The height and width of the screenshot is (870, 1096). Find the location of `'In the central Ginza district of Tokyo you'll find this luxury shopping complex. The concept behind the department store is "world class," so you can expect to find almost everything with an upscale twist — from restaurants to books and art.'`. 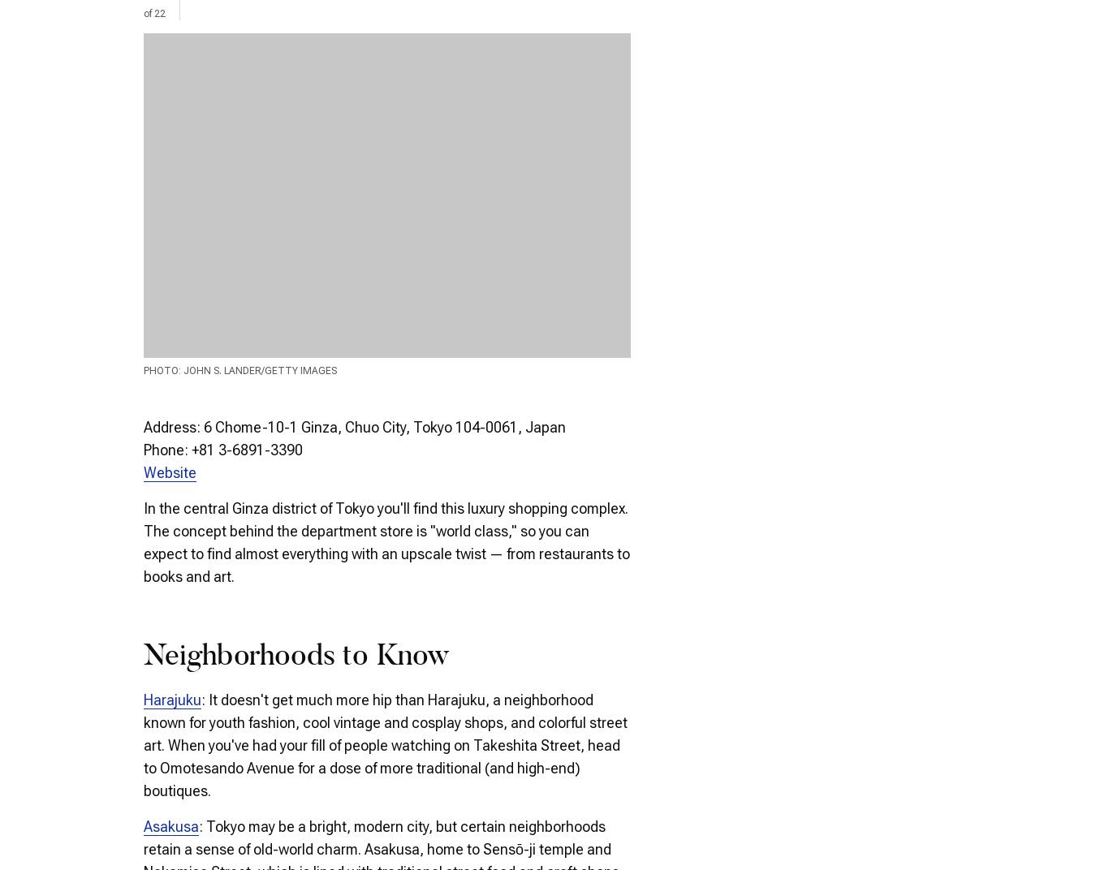

'In the central Ginza district of Tokyo you'll find this luxury shopping complex. The concept behind the department store is "world class," so you can expect to find almost everything with an upscale twist — from restaurants to books and art.' is located at coordinates (386, 541).